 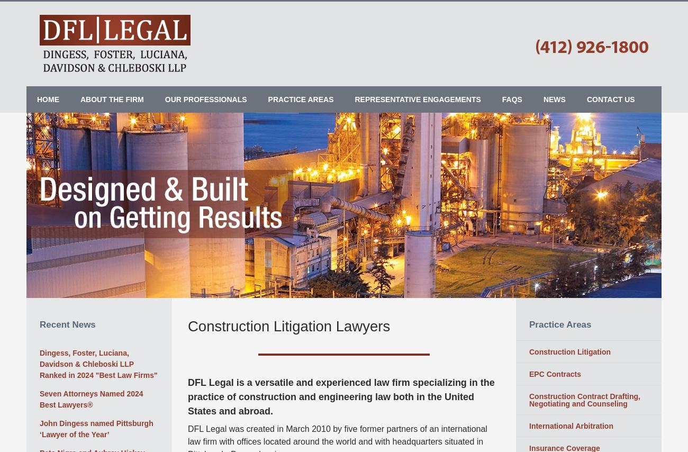 I want to click on 'Contact Us', so click(x=610, y=98).